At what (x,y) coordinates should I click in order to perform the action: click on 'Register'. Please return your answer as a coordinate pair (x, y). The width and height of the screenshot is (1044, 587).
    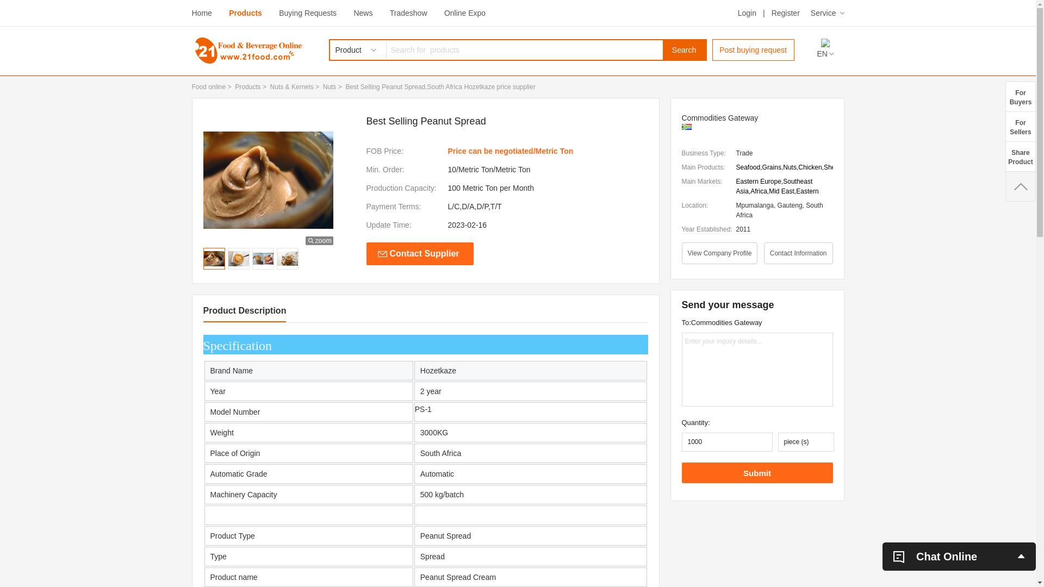
    Looking at the image, I should click on (785, 13).